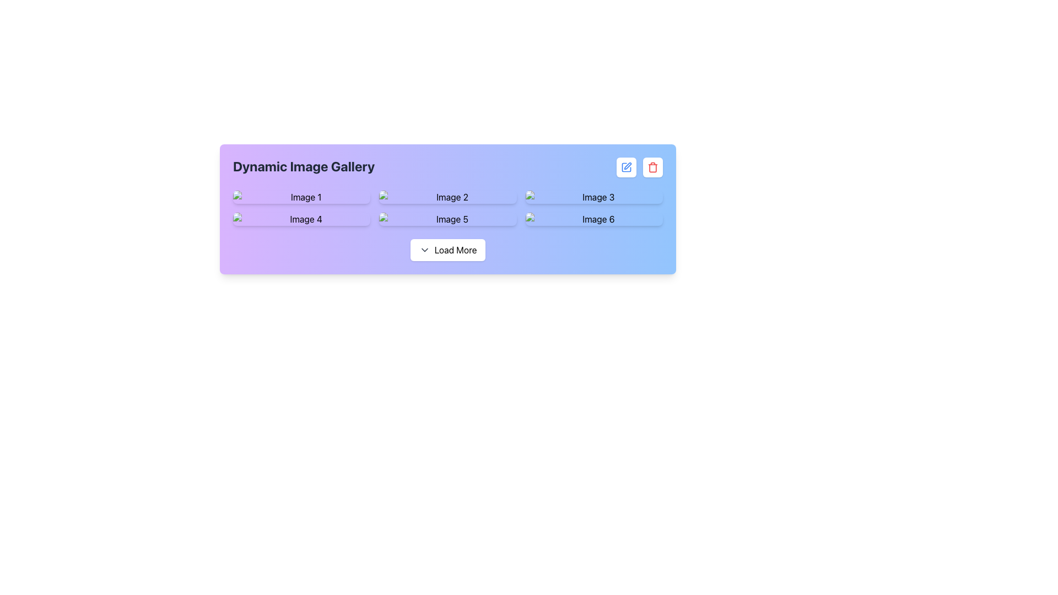 This screenshot has width=1058, height=595. I want to click on the rectangular component containing the image labeled 'Image 6' located in the second row, third column of the 'Dynamic Image Gallery' for interaction, so click(593, 219).